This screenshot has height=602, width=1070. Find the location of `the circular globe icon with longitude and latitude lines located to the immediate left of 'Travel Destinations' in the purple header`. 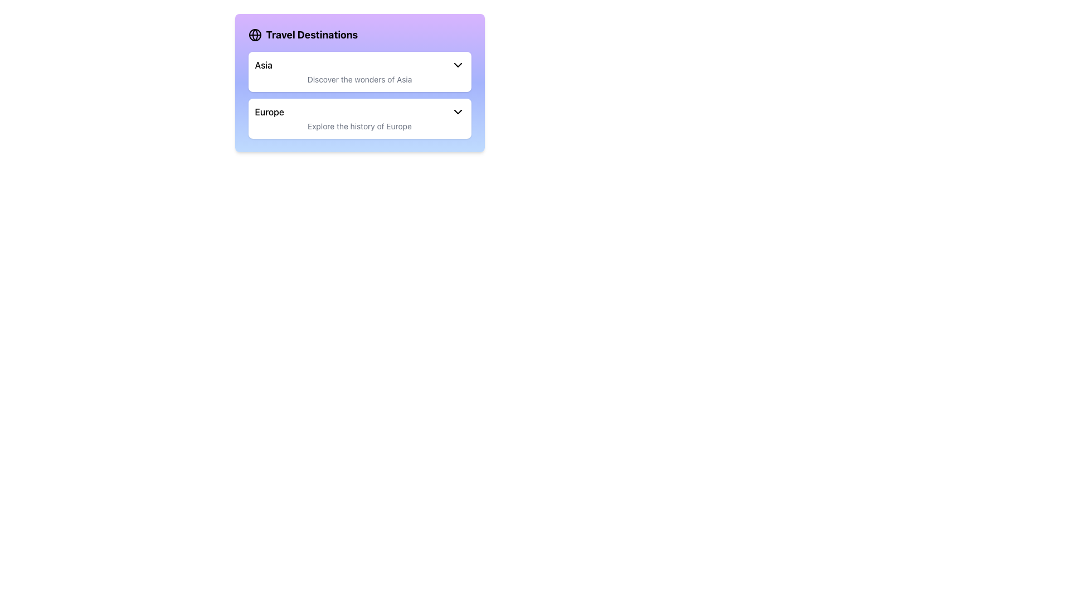

the circular globe icon with longitude and latitude lines located to the immediate left of 'Travel Destinations' in the purple header is located at coordinates (254, 34).